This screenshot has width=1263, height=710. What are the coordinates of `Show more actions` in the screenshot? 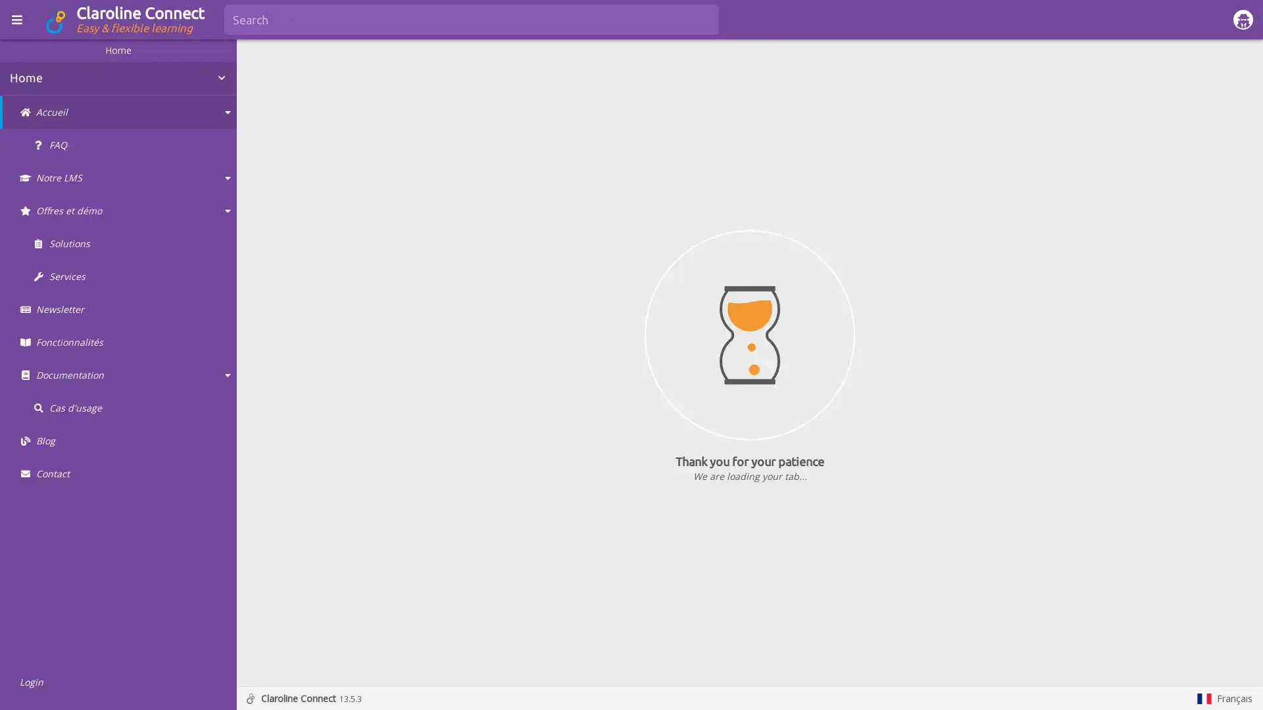 It's located at (1237, 232).